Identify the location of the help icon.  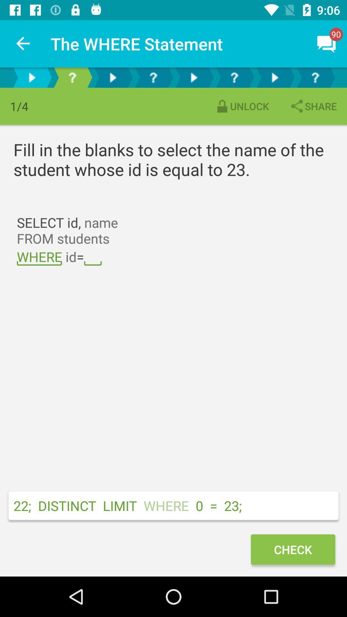
(315, 77).